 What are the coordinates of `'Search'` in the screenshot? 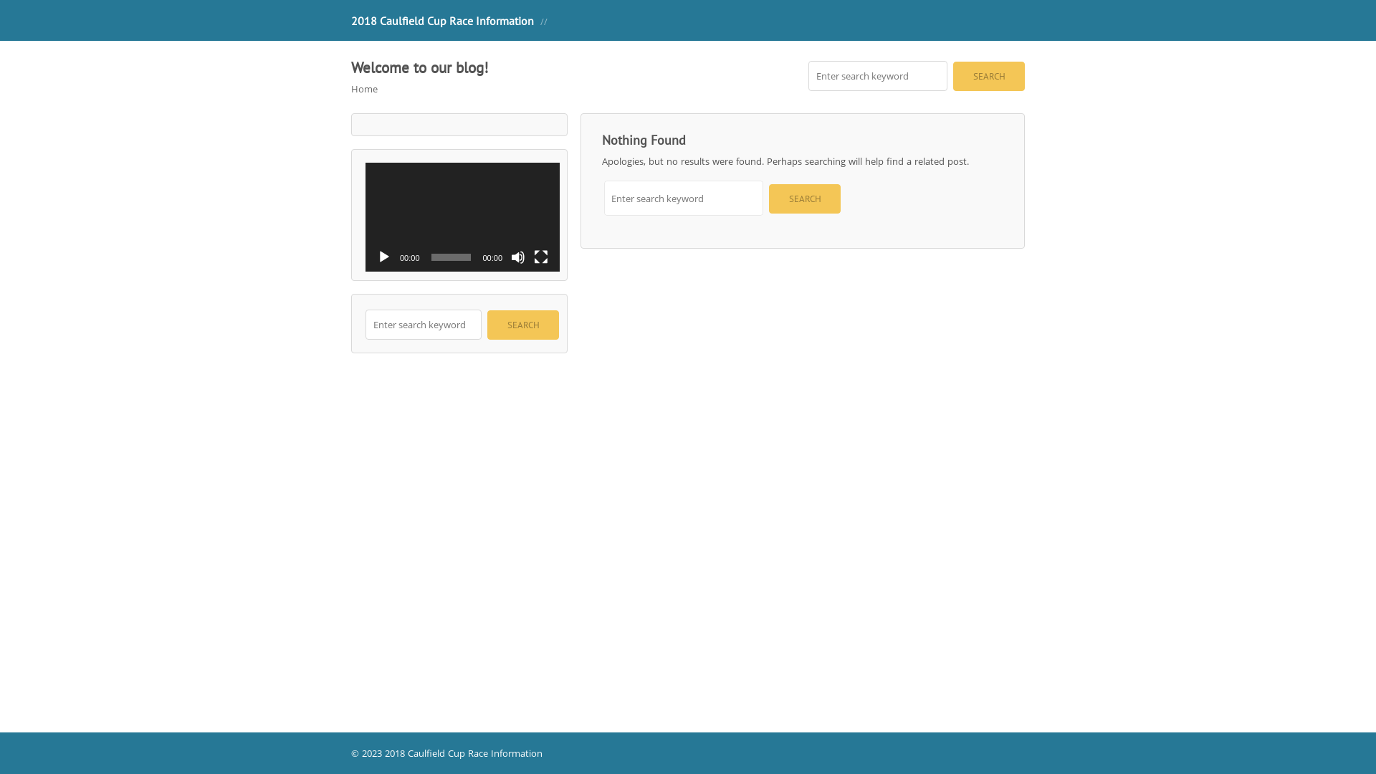 It's located at (988, 76).